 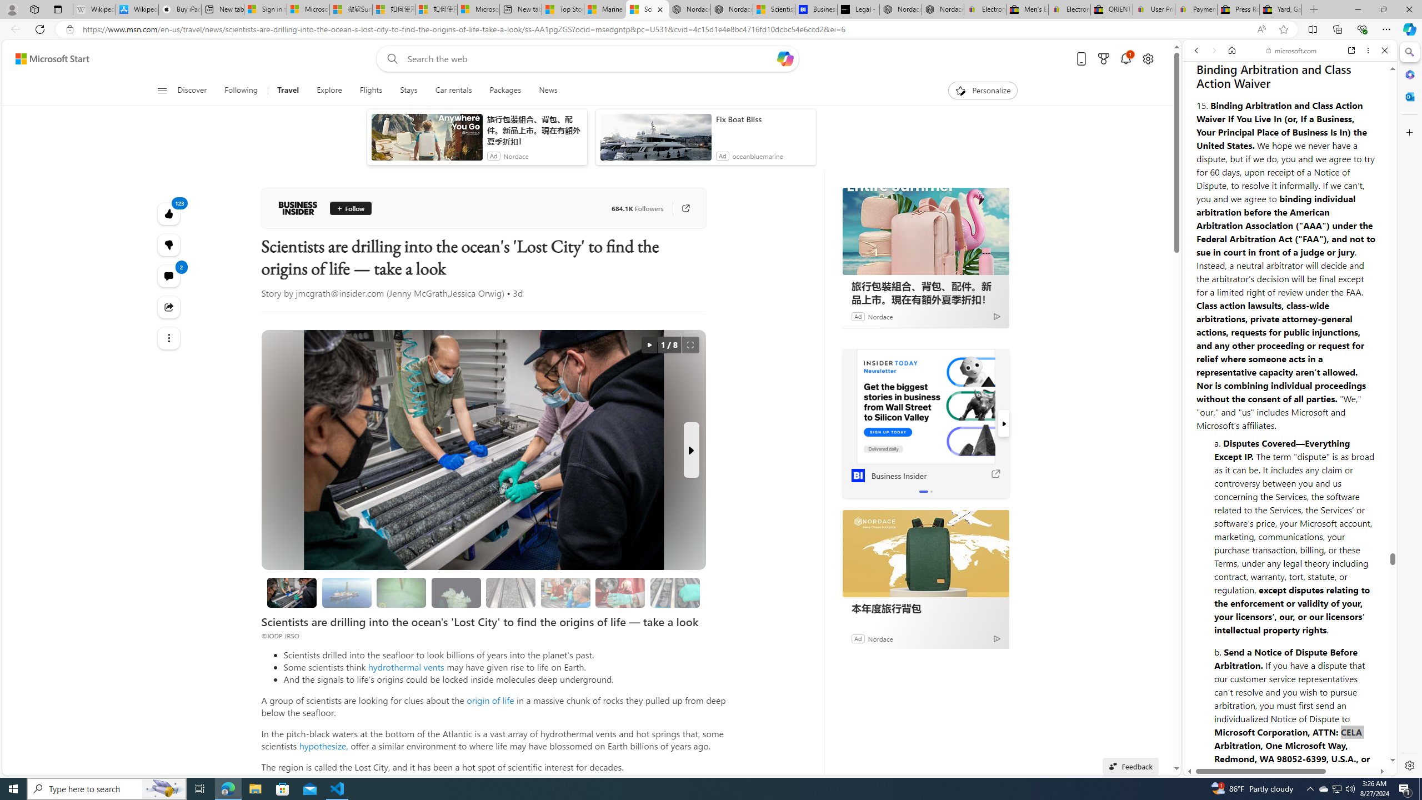 I want to click on 'Sign in to your Microsoft account', so click(x=264, y=9).